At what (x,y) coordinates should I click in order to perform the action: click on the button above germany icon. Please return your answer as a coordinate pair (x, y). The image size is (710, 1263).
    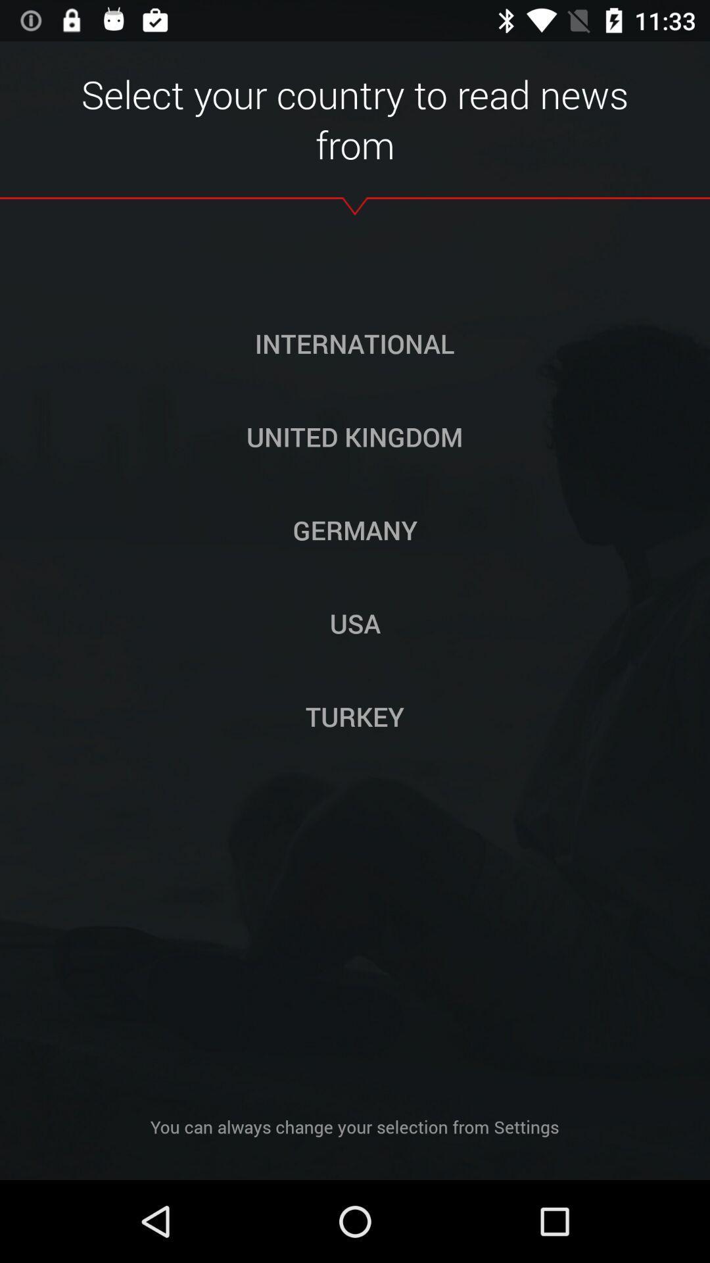
    Looking at the image, I should click on (354, 436).